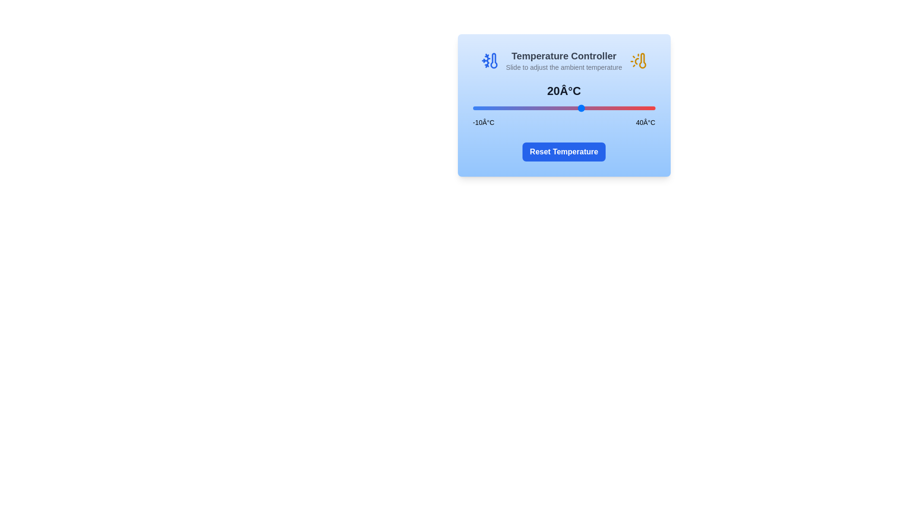 The height and width of the screenshot is (513, 912). Describe the element at coordinates (494, 107) in the screenshot. I see `the temperature` at that location.